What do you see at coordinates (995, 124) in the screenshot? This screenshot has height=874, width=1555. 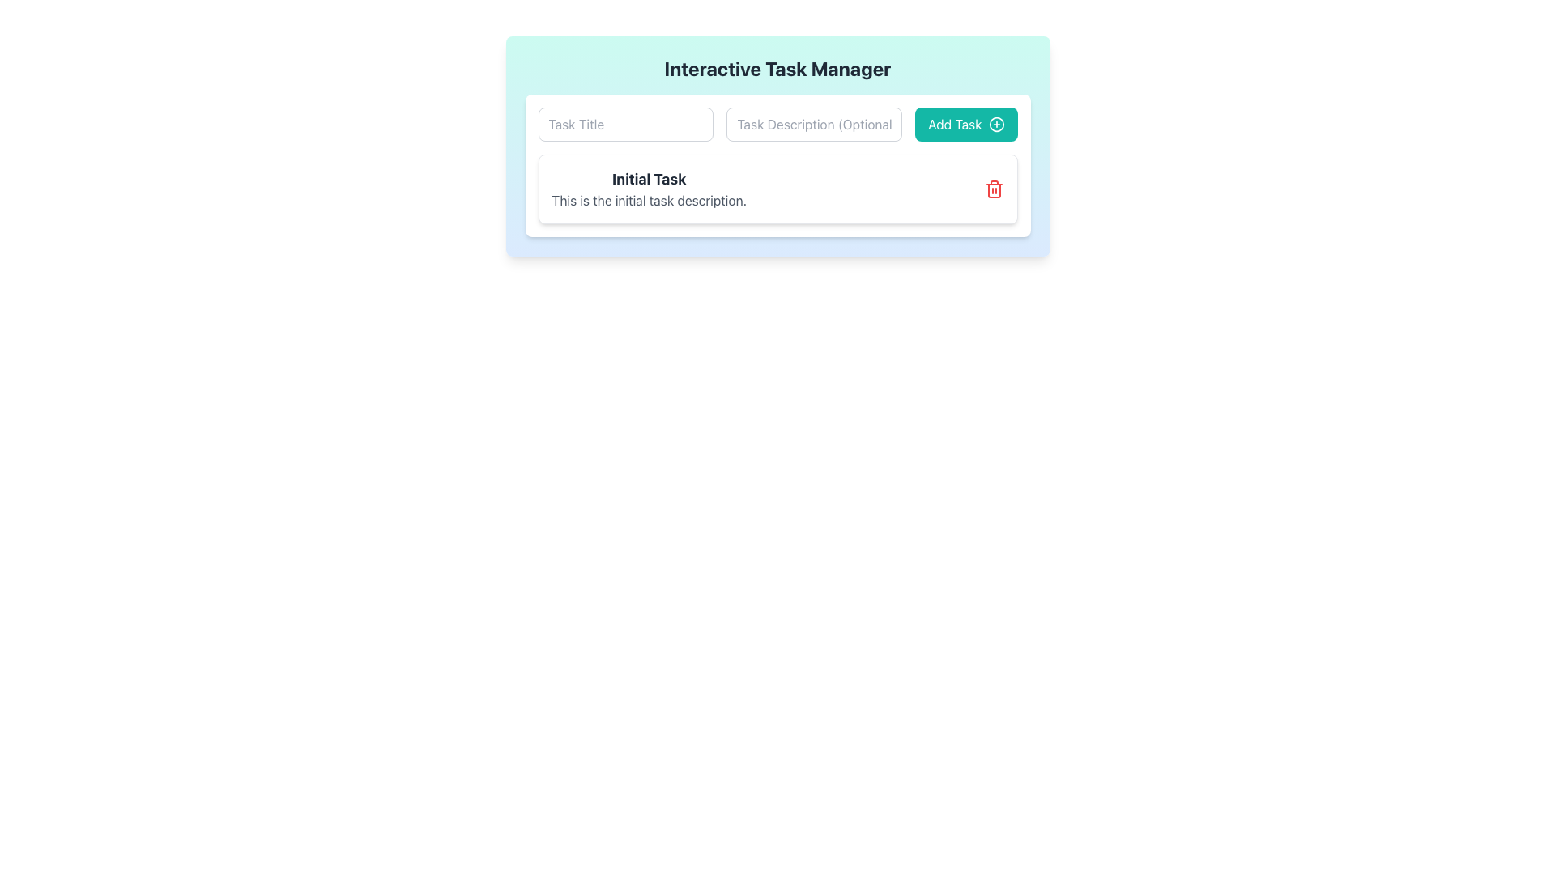 I see `circular plus icon located inside the green 'Add Task' button, which is positioned to the right of the label 'Add Task'` at bounding box center [995, 124].